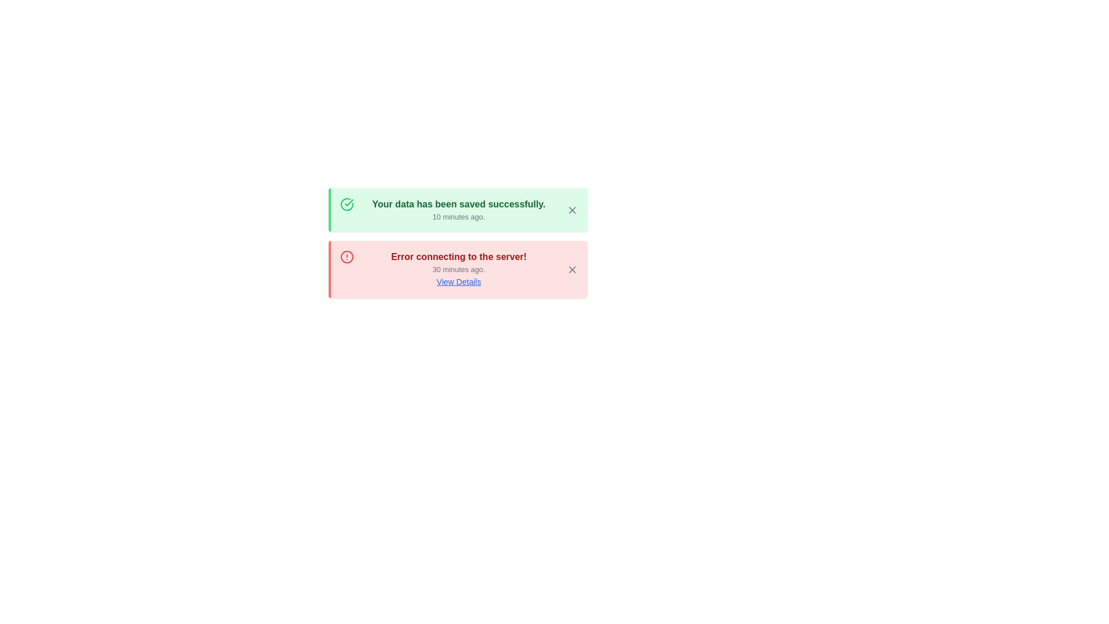 The image size is (1109, 624). What do you see at coordinates (572, 269) in the screenshot?
I see `the close button located in the top-right corner of the red notification card to dismiss the notification message` at bounding box center [572, 269].